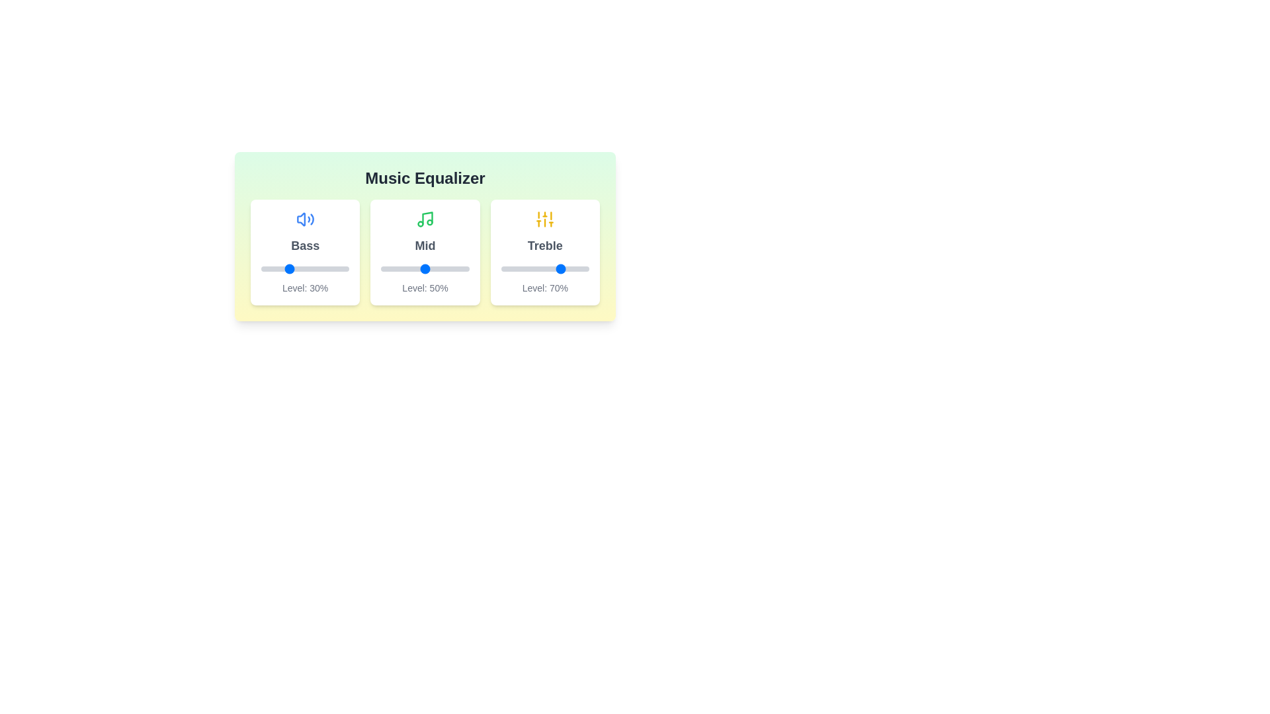 The height and width of the screenshot is (714, 1270). What do you see at coordinates (561, 268) in the screenshot?
I see `the Treble slider to set its value to 68` at bounding box center [561, 268].